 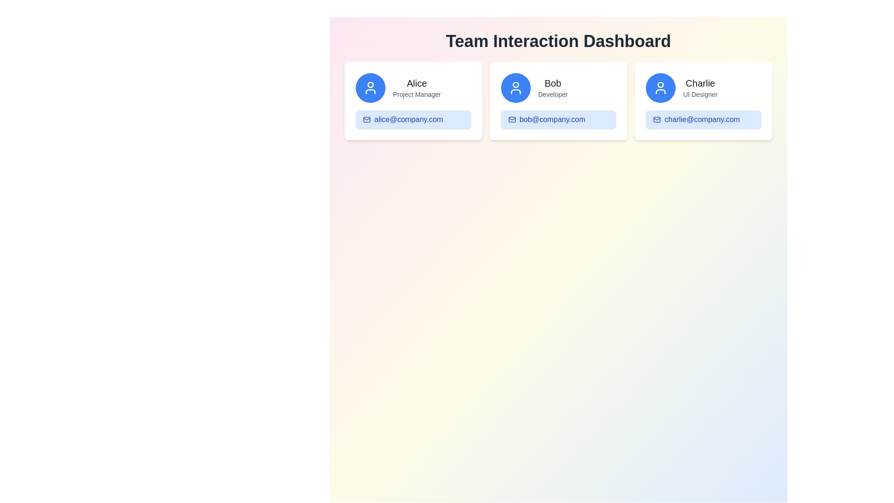 What do you see at coordinates (515, 85) in the screenshot?
I see `the circular user profile icon located in the middle card of the interface, which visually represents the user's avatar` at bounding box center [515, 85].